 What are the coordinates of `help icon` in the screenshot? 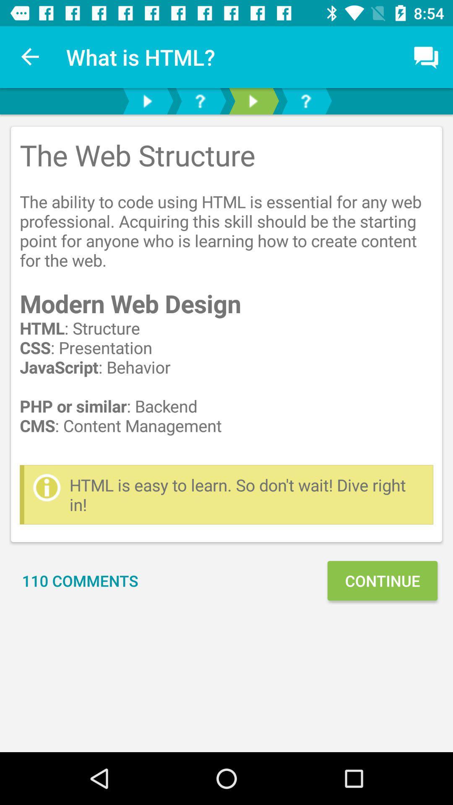 It's located at (200, 101).